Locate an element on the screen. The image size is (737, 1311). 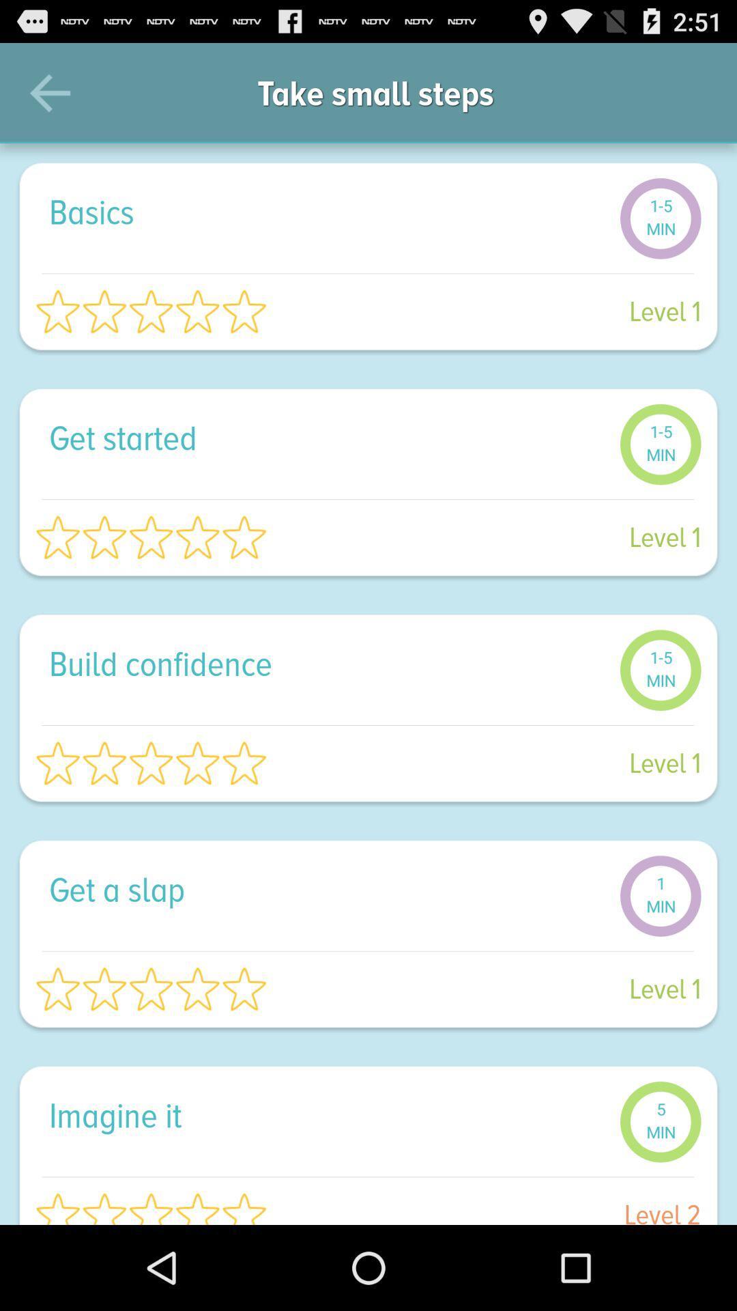
get a slap item is located at coordinates (327, 889).